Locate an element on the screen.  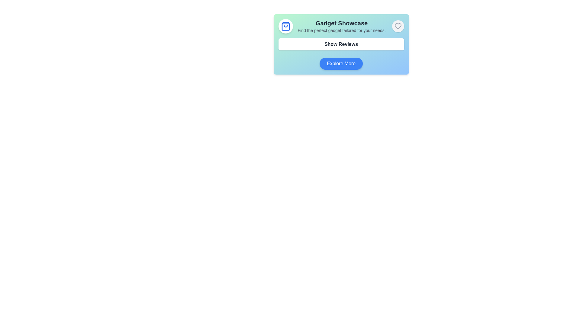
the shopping bag icon located at the top-left corner of the card in the Gadget Showcase interface is located at coordinates (285, 26).